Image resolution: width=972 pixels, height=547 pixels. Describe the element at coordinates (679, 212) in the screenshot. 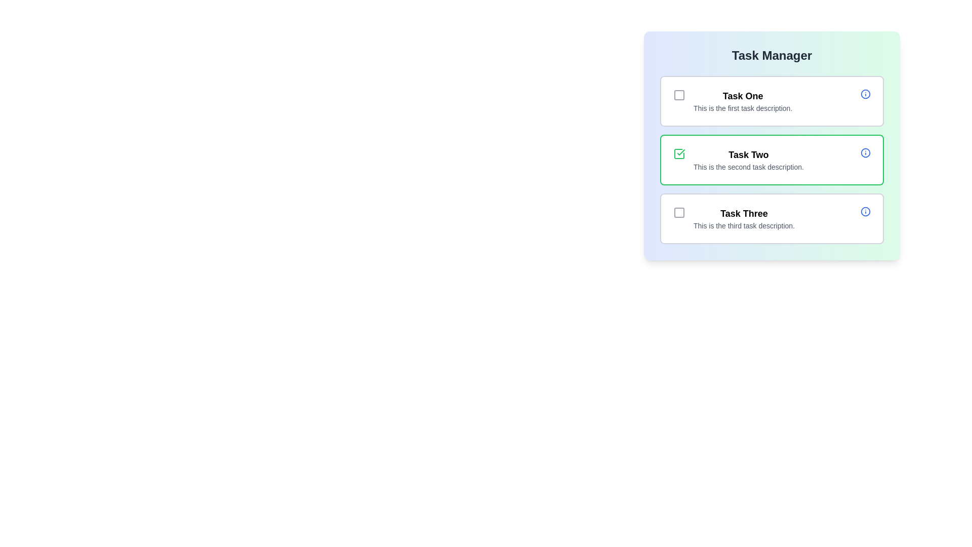

I see `the square with rounded corners located in the red square icon in the 'Task Three' row of the task list, positioned to the left of the row's title text` at that location.